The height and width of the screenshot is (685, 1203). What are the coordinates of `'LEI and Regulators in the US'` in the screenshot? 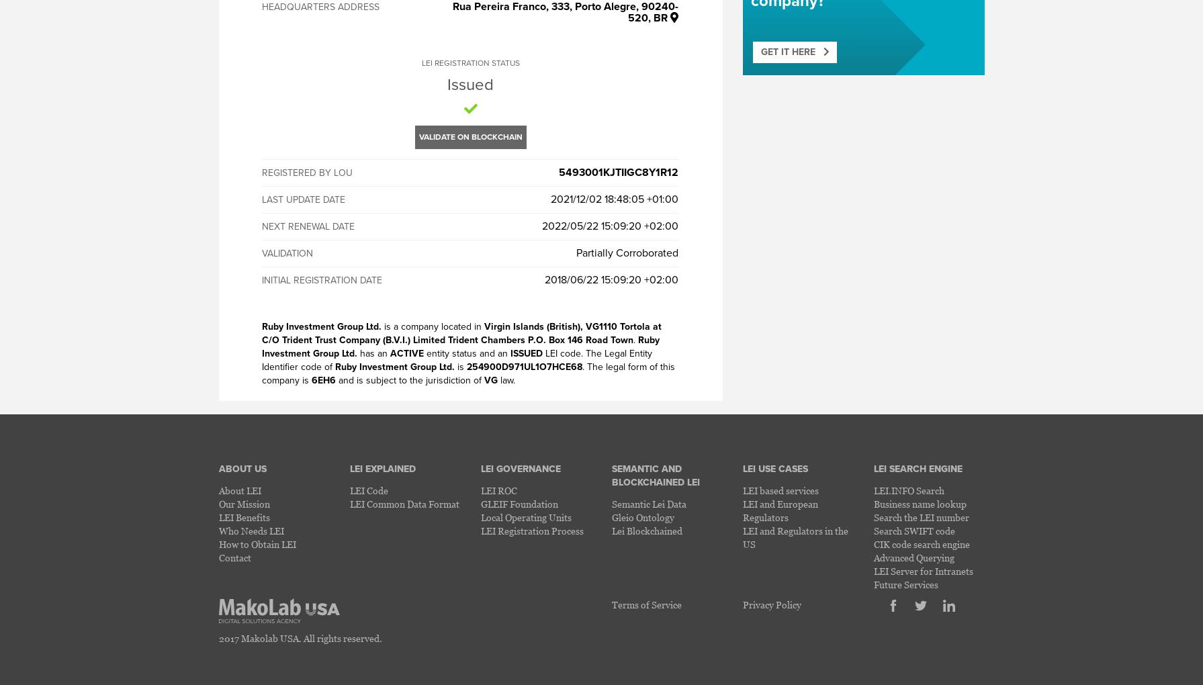 It's located at (742, 537).